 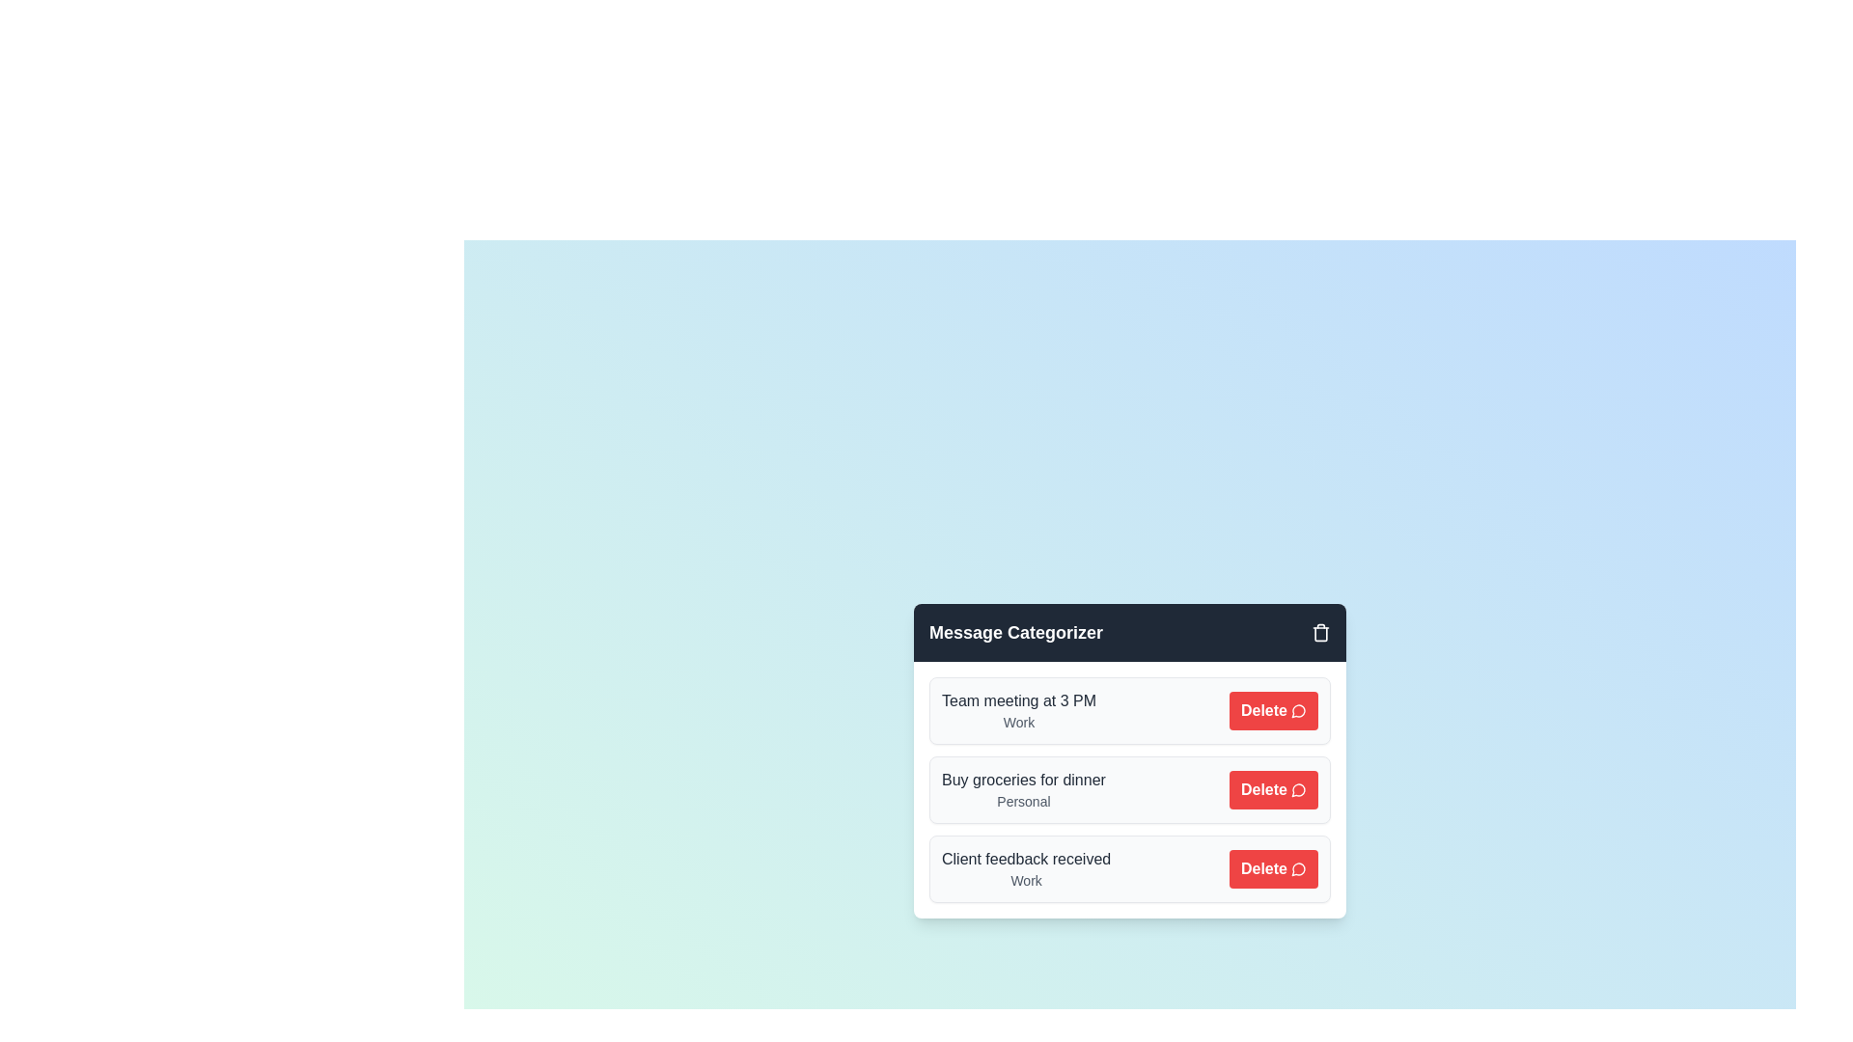 I want to click on the 'Trash' icon in the header to close the dialog, so click(x=1319, y=632).